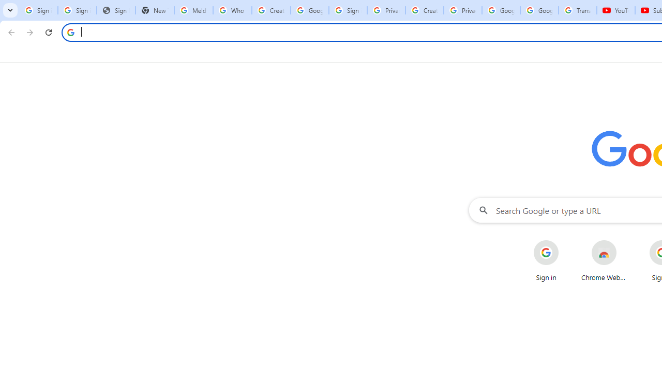 This screenshot has height=372, width=662. I want to click on 'Create your Google Account', so click(424, 10).